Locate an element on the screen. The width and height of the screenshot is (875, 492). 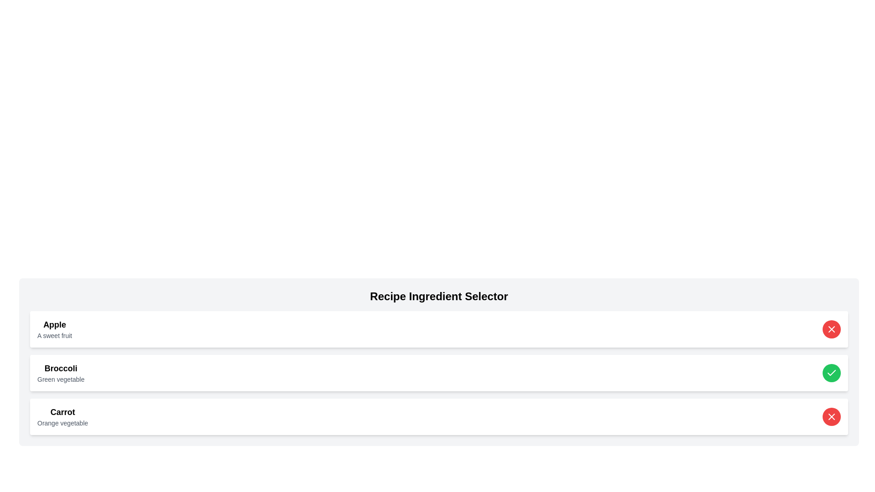
the rounded green button with a white checkmark icon located in the middle row labeled 'Broccoli - Green vegetable' is located at coordinates (831, 373).